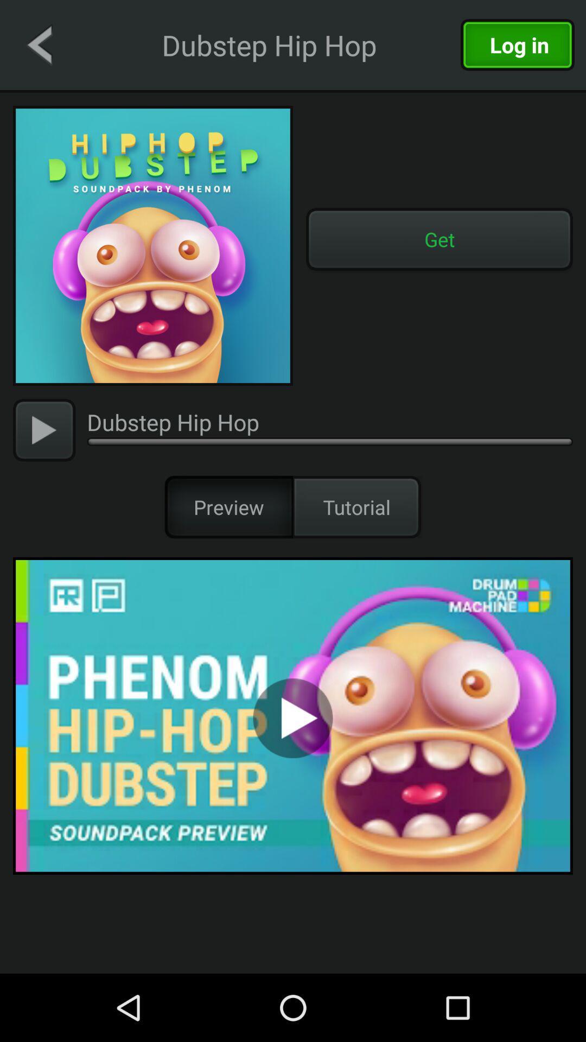 The height and width of the screenshot is (1042, 586). What do you see at coordinates (39, 44) in the screenshot?
I see `previous` at bounding box center [39, 44].